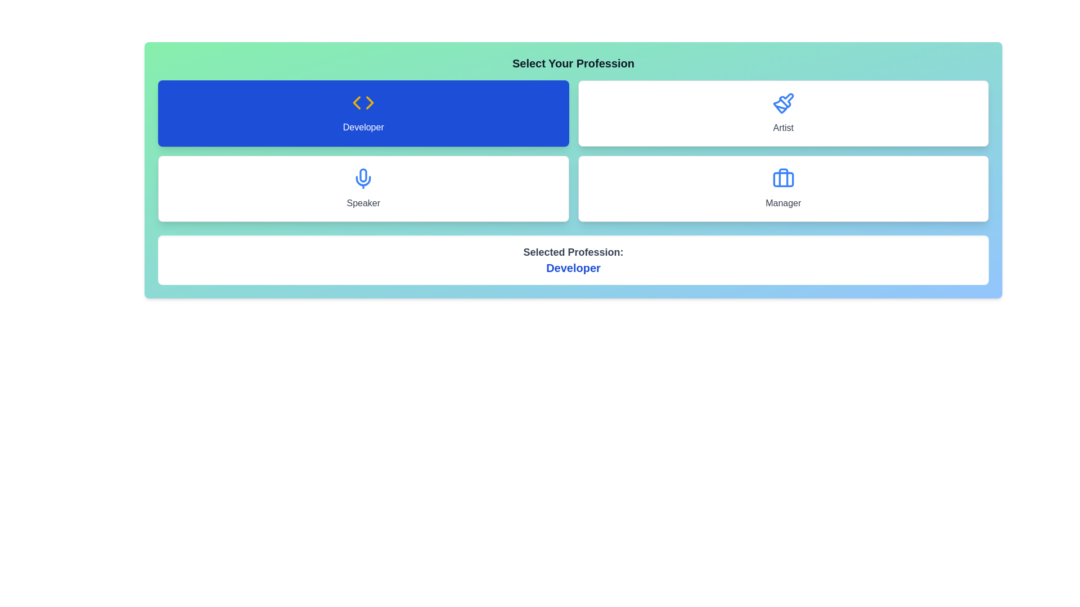 This screenshot has height=607, width=1080. What do you see at coordinates (782, 113) in the screenshot?
I see `the profession Artist by clicking its corresponding button` at bounding box center [782, 113].